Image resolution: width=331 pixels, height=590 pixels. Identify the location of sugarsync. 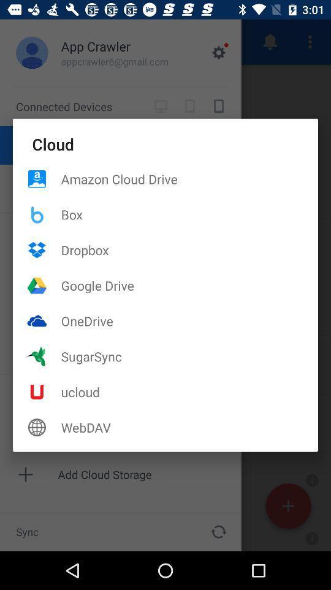
(189, 356).